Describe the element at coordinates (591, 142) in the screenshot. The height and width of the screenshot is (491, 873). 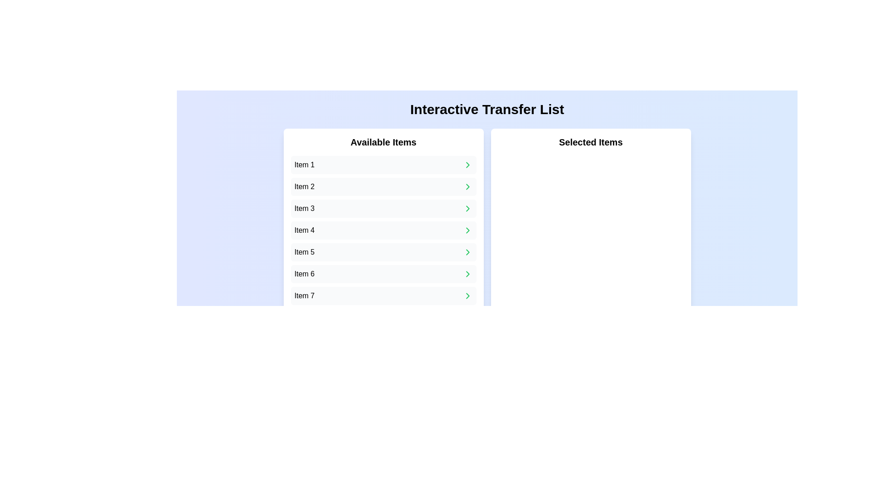
I see `the bold text labeled 'Selected Items', which is styled as a header and positioned at the top center of a white box on the right side of the interface` at that location.